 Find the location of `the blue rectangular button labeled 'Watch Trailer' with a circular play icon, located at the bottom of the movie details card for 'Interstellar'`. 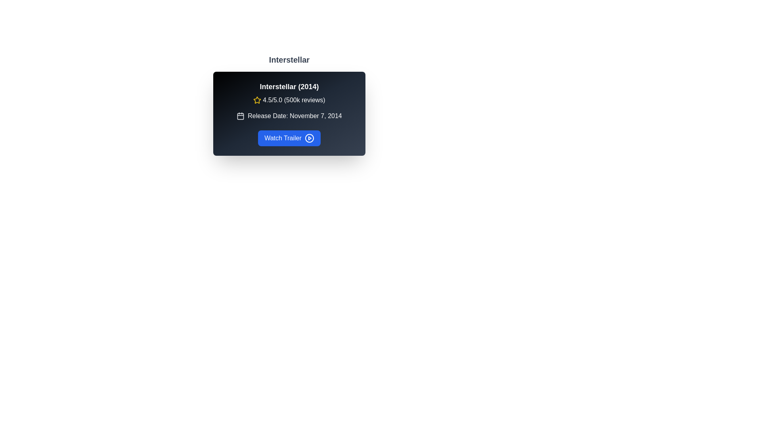

the blue rectangular button labeled 'Watch Trailer' with a circular play icon, located at the bottom of the movie details card for 'Interstellar' is located at coordinates (289, 138).